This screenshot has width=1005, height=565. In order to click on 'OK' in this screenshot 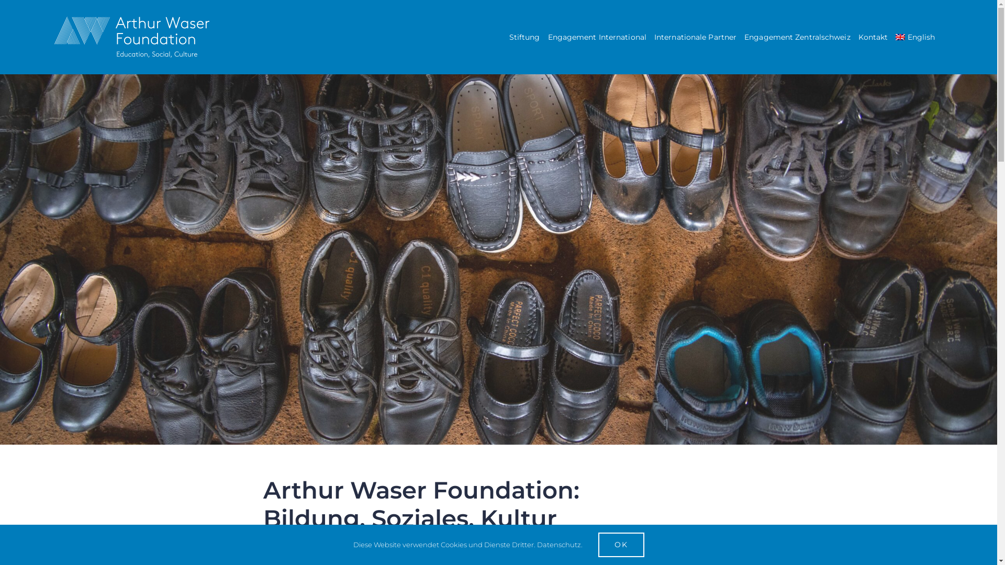, I will do `click(620, 544)`.